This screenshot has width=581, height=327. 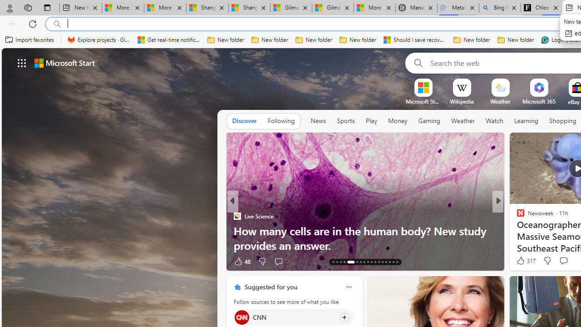 I want to click on 'AutomationID: tab-14', so click(x=337, y=262).